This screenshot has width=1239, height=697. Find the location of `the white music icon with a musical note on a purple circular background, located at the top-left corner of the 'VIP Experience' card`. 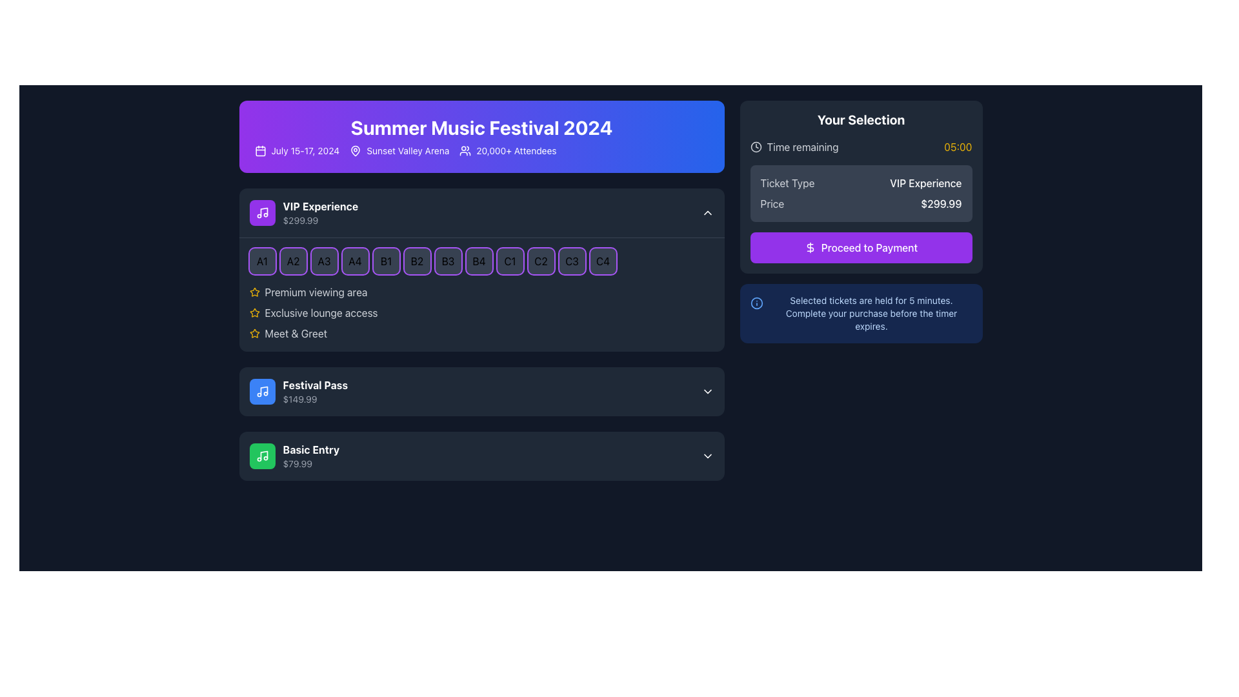

the white music icon with a musical note on a purple circular background, located at the top-left corner of the 'VIP Experience' card is located at coordinates (261, 212).